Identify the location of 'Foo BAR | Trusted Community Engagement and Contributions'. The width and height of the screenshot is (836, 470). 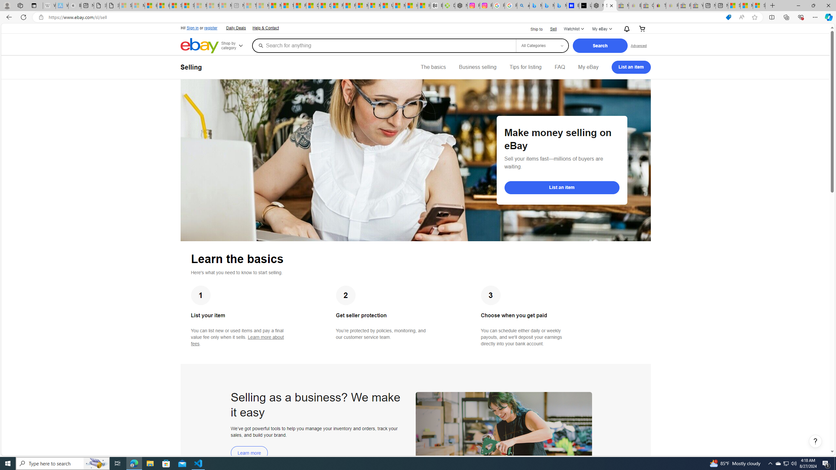
(349, 5).